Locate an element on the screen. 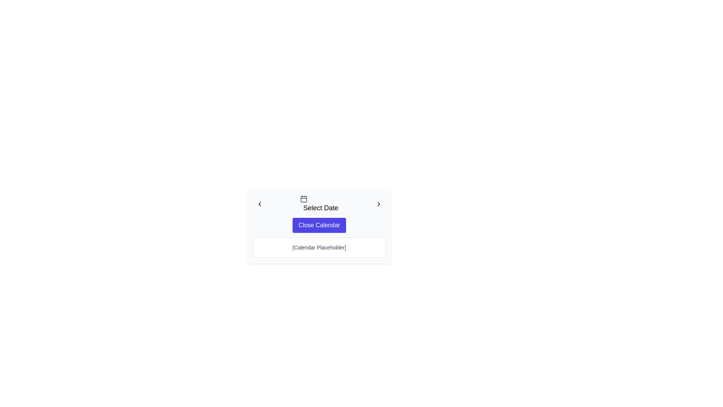  the interactive button on the far left of the 'Select Date' title is located at coordinates (260, 204).